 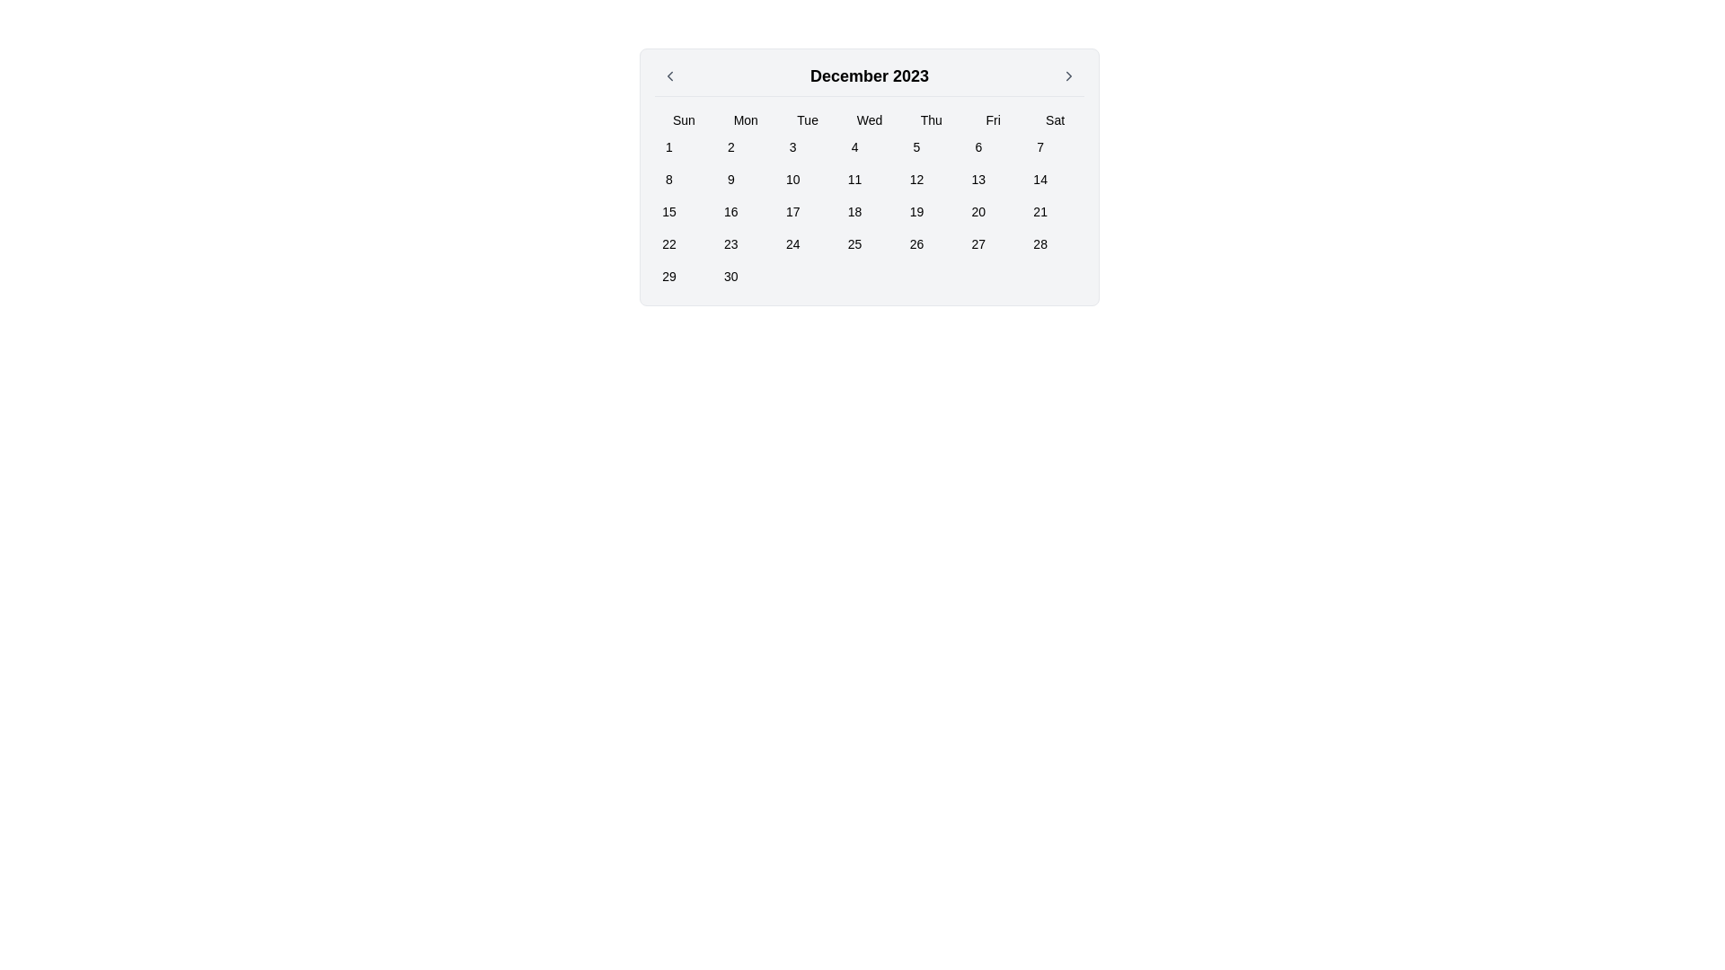 What do you see at coordinates (1040, 244) in the screenshot?
I see `the button representing the 28th day in the December 2023 calendar` at bounding box center [1040, 244].